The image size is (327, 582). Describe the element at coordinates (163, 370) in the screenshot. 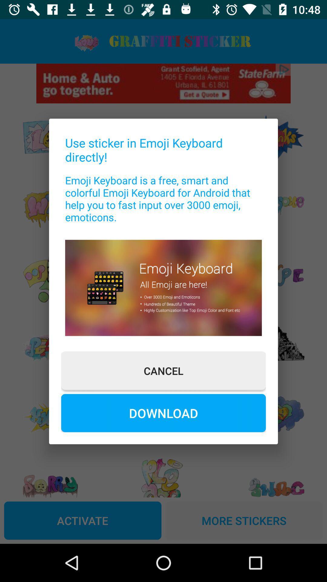

I see `cancel button` at that location.